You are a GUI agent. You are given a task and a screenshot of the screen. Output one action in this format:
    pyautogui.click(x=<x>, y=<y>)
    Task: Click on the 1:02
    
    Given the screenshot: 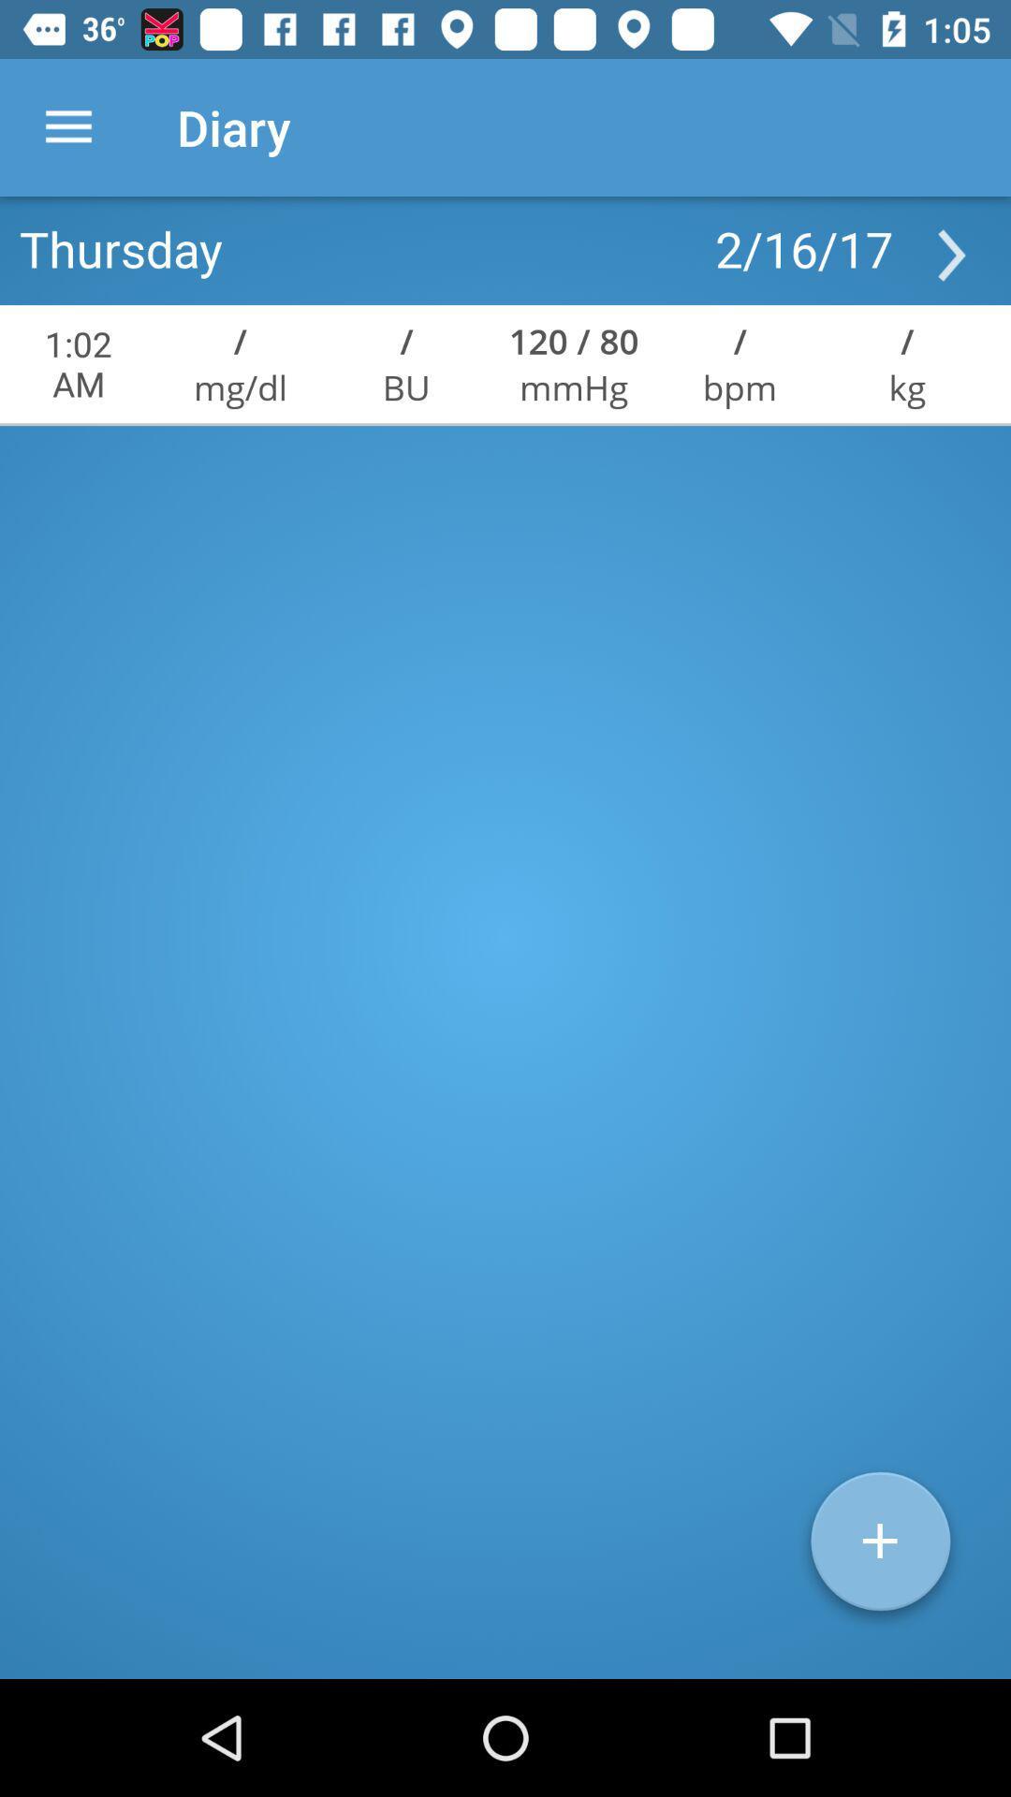 What is the action you would take?
    pyautogui.click(x=78, y=364)
    